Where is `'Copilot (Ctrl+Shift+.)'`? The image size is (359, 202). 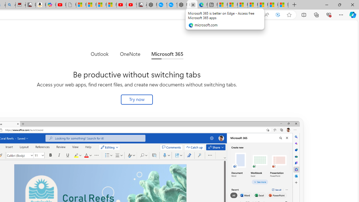
'Copilot (Ctrl+Shift+.)' is located at coordinates (353, 14).